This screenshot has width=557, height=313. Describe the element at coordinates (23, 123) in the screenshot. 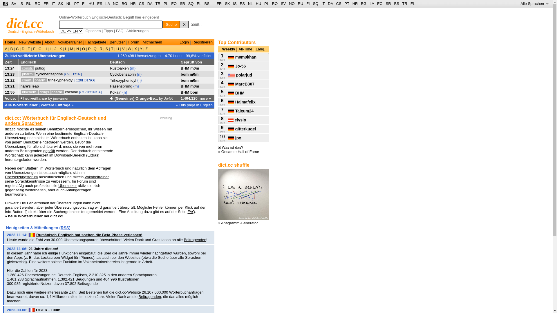

I see `'andere Sprachen'` at that location.